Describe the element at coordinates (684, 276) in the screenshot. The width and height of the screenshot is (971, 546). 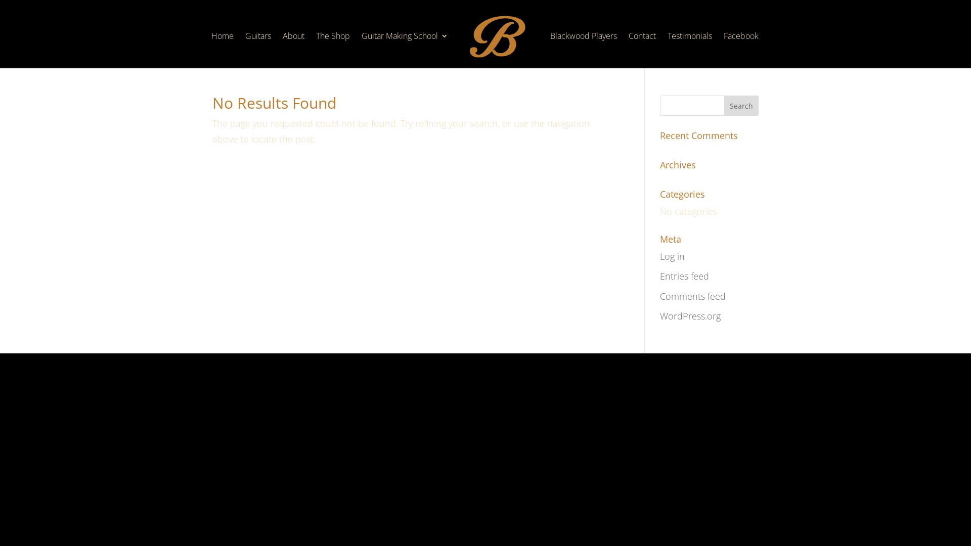
I see `'Entries feed'` at that location.